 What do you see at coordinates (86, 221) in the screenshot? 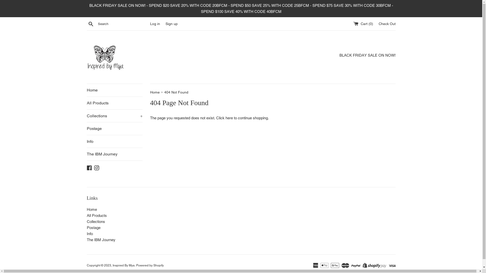
I see `'Collections'` at bounding box center [86, 221].